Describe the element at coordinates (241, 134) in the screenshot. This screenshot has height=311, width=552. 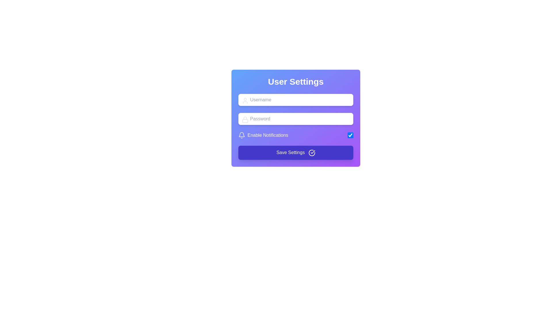
I see `the bell icon located to the left of the 'Enable Notifications' text` at that location.